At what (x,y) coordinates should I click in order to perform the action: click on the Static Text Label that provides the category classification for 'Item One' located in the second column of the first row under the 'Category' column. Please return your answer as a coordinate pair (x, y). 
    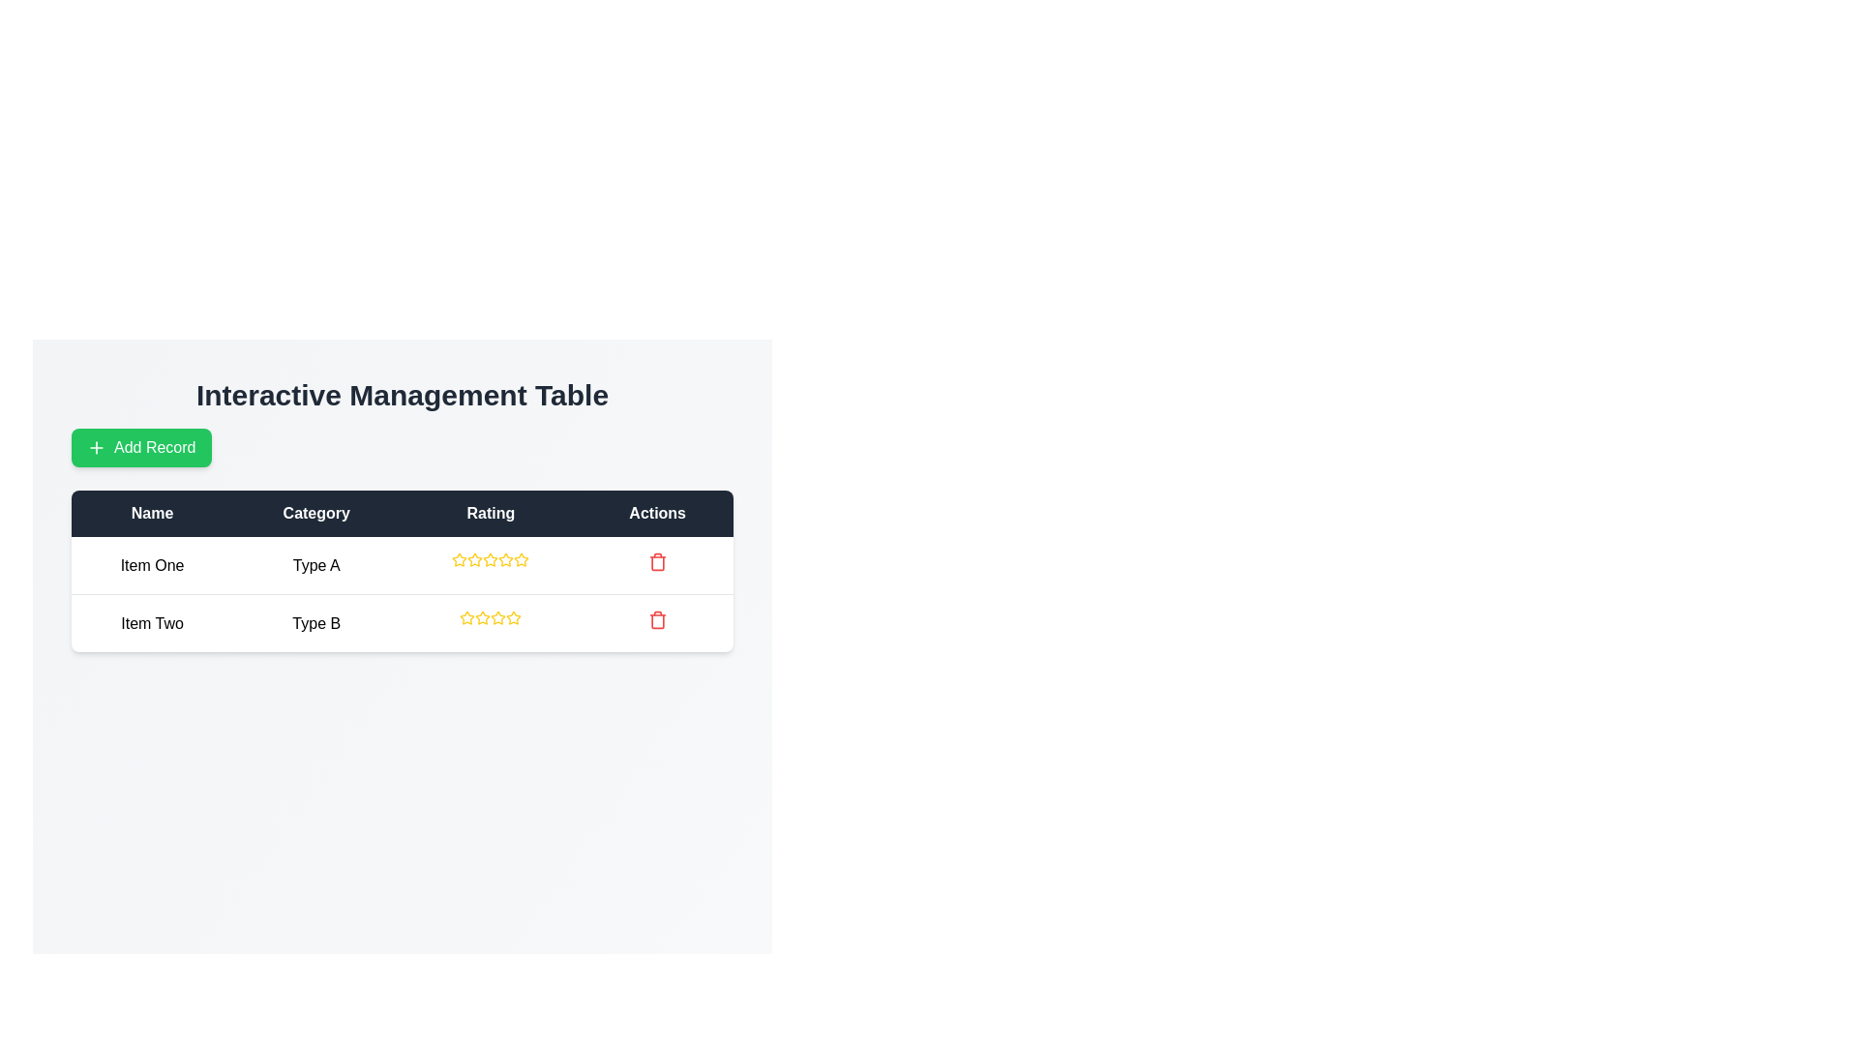
    Looking at the image, I should click on (316, 565).